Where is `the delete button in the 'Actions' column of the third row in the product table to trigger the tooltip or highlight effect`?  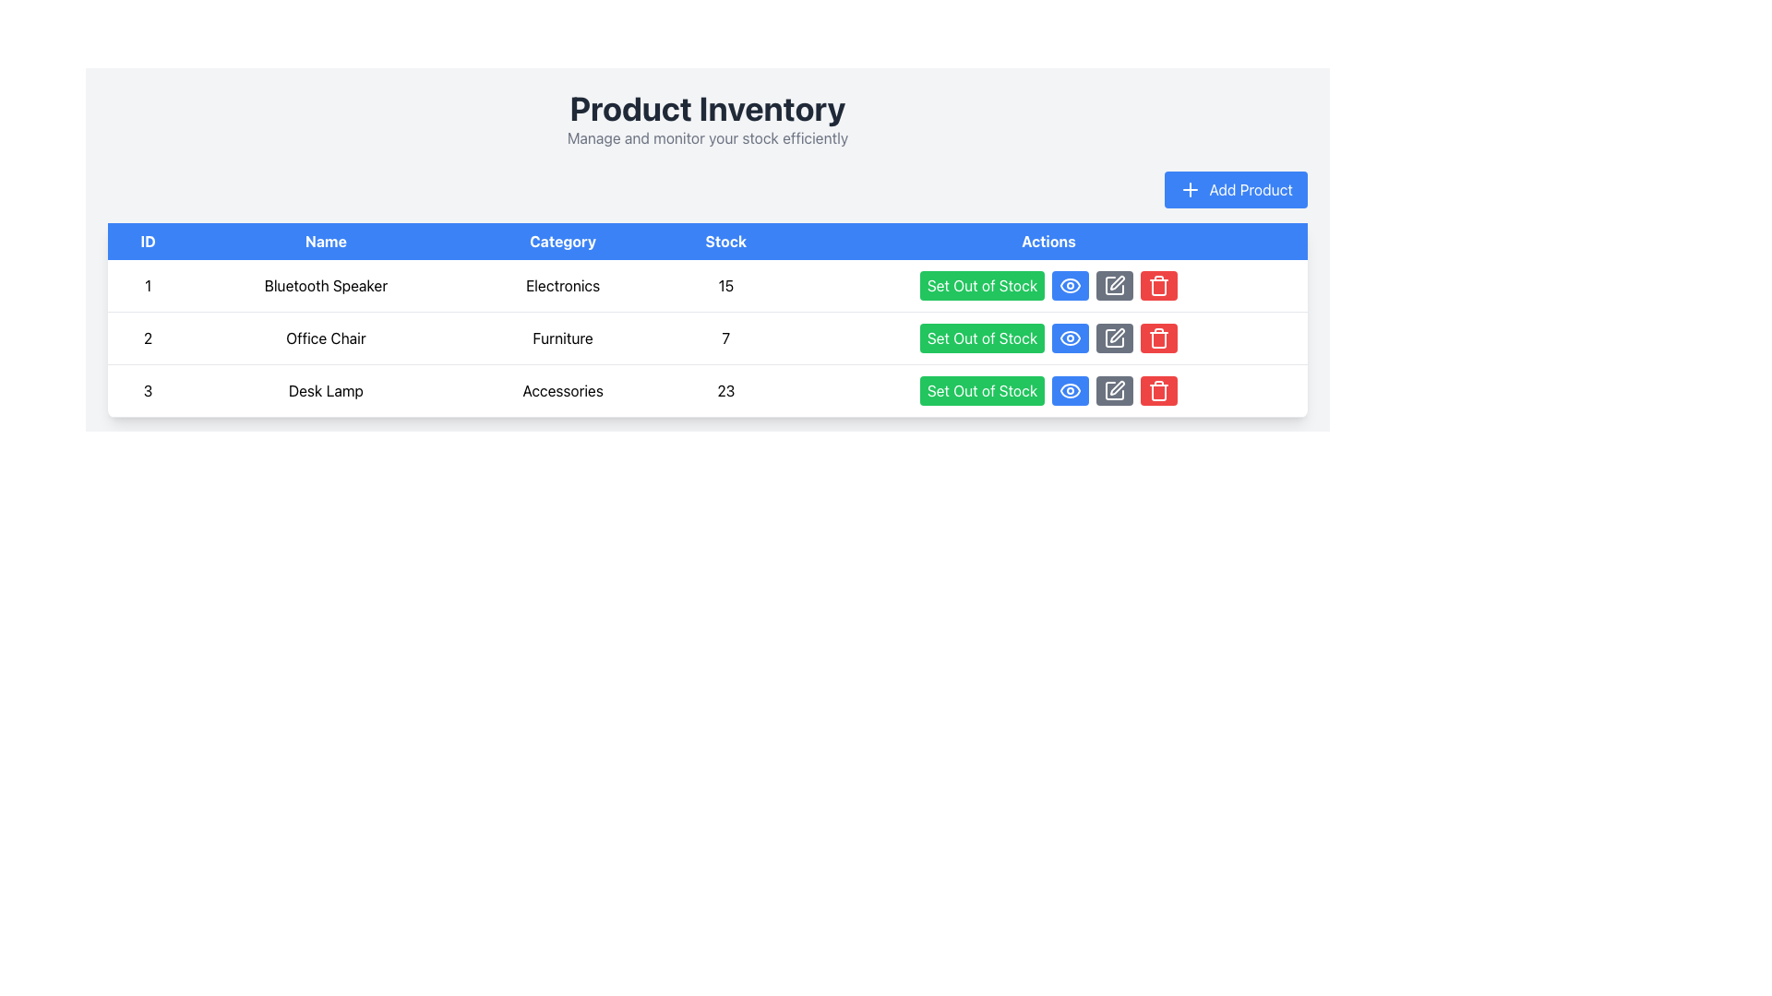
the delete button in the 'Actions' column of the third row in the product table to trigger the tooltip or highlight effect is located at coordinates (1158, 390).